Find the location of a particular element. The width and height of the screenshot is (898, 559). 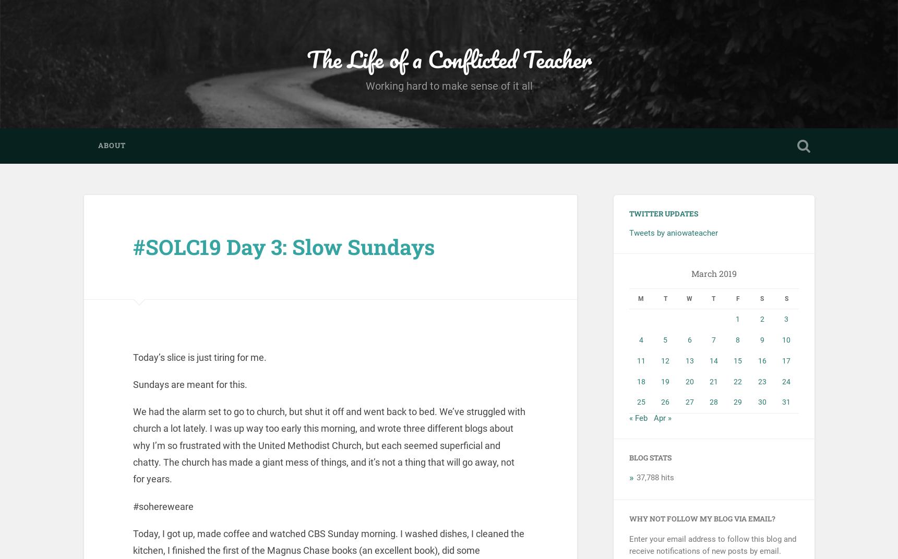

'Why not follow my blog via email?' is located at coordinates (628, 517).